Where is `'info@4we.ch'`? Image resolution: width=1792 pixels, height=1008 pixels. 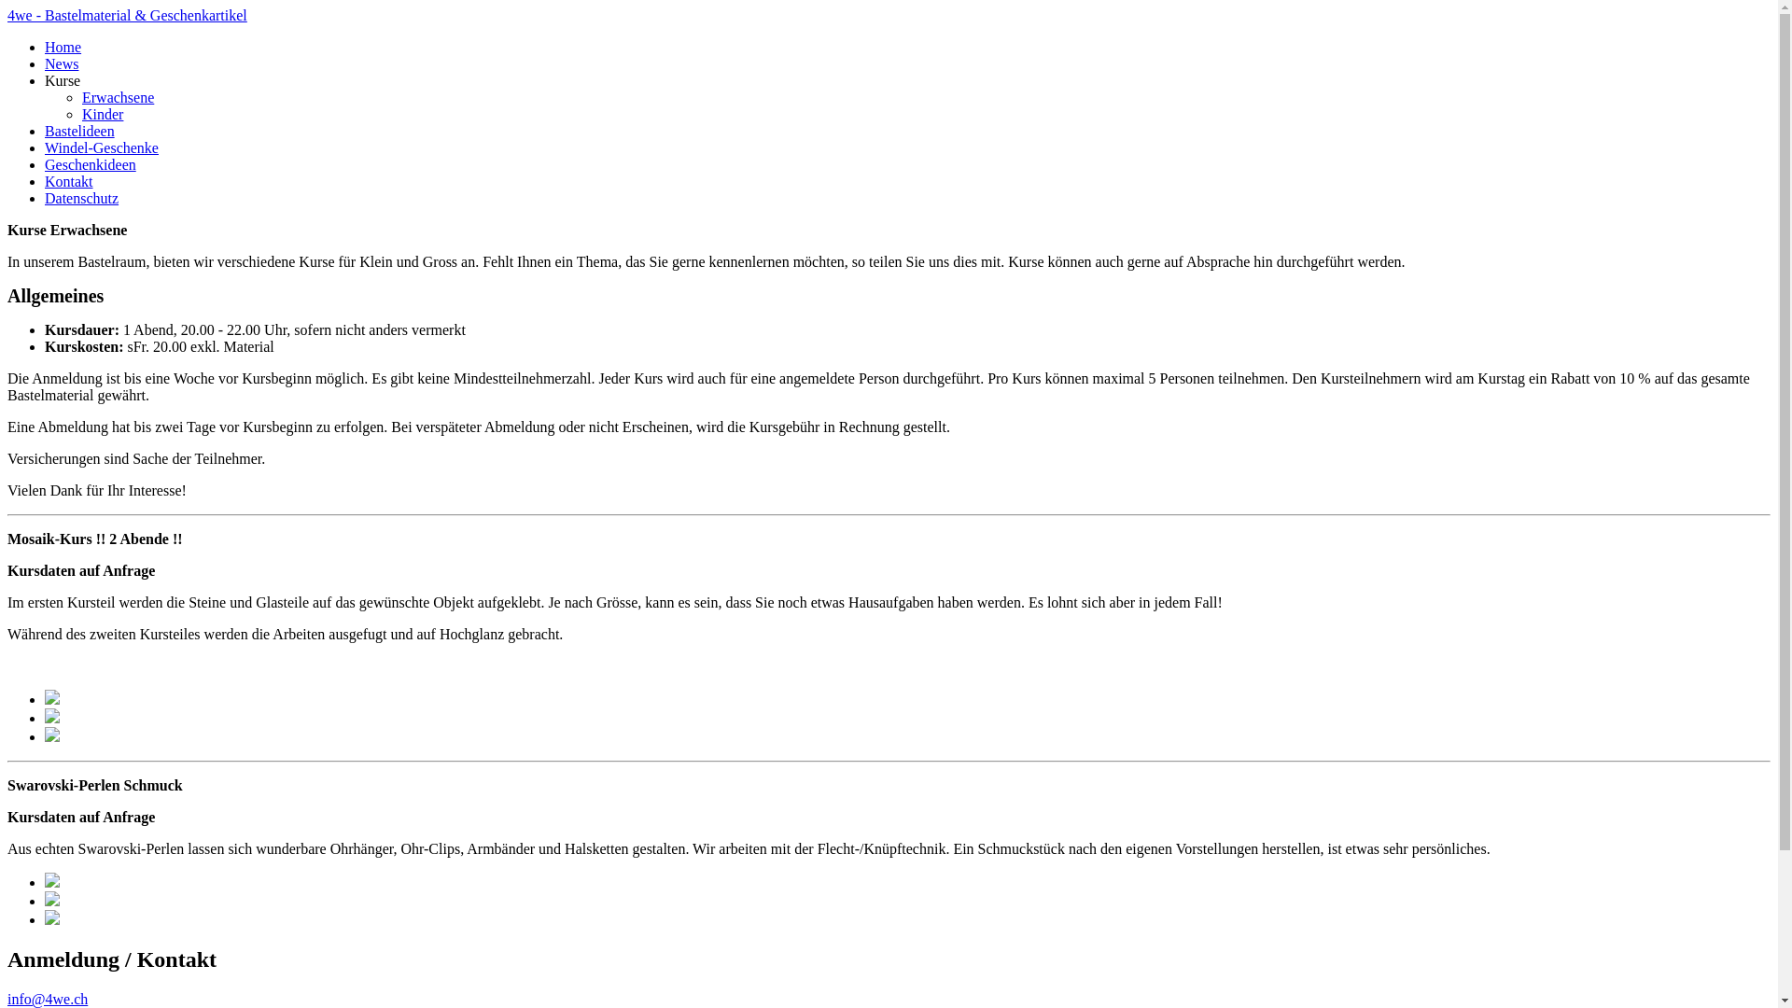
'info@4we.ch' is located at coordinates (48, 998).